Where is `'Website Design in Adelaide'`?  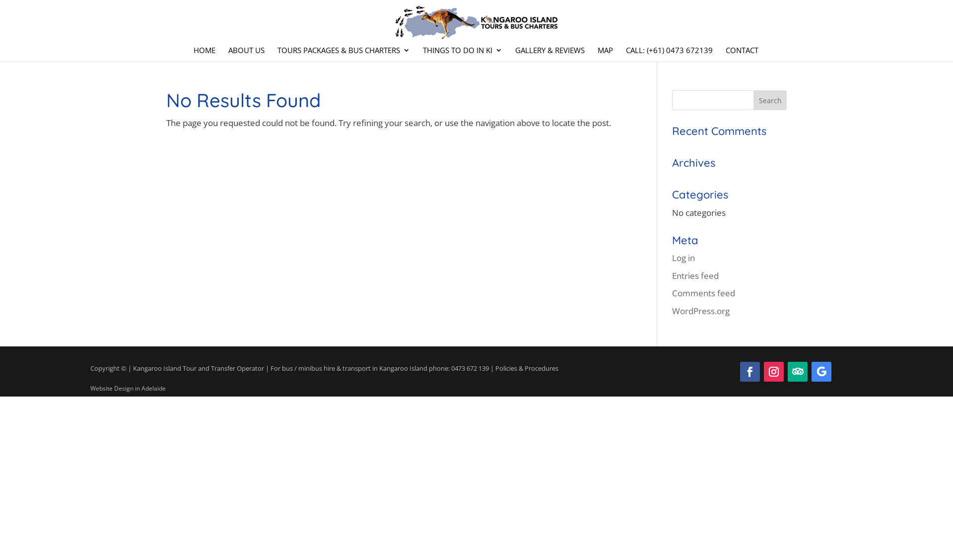
'Website Design in Adelaide' is located at coordinates (128, 388).